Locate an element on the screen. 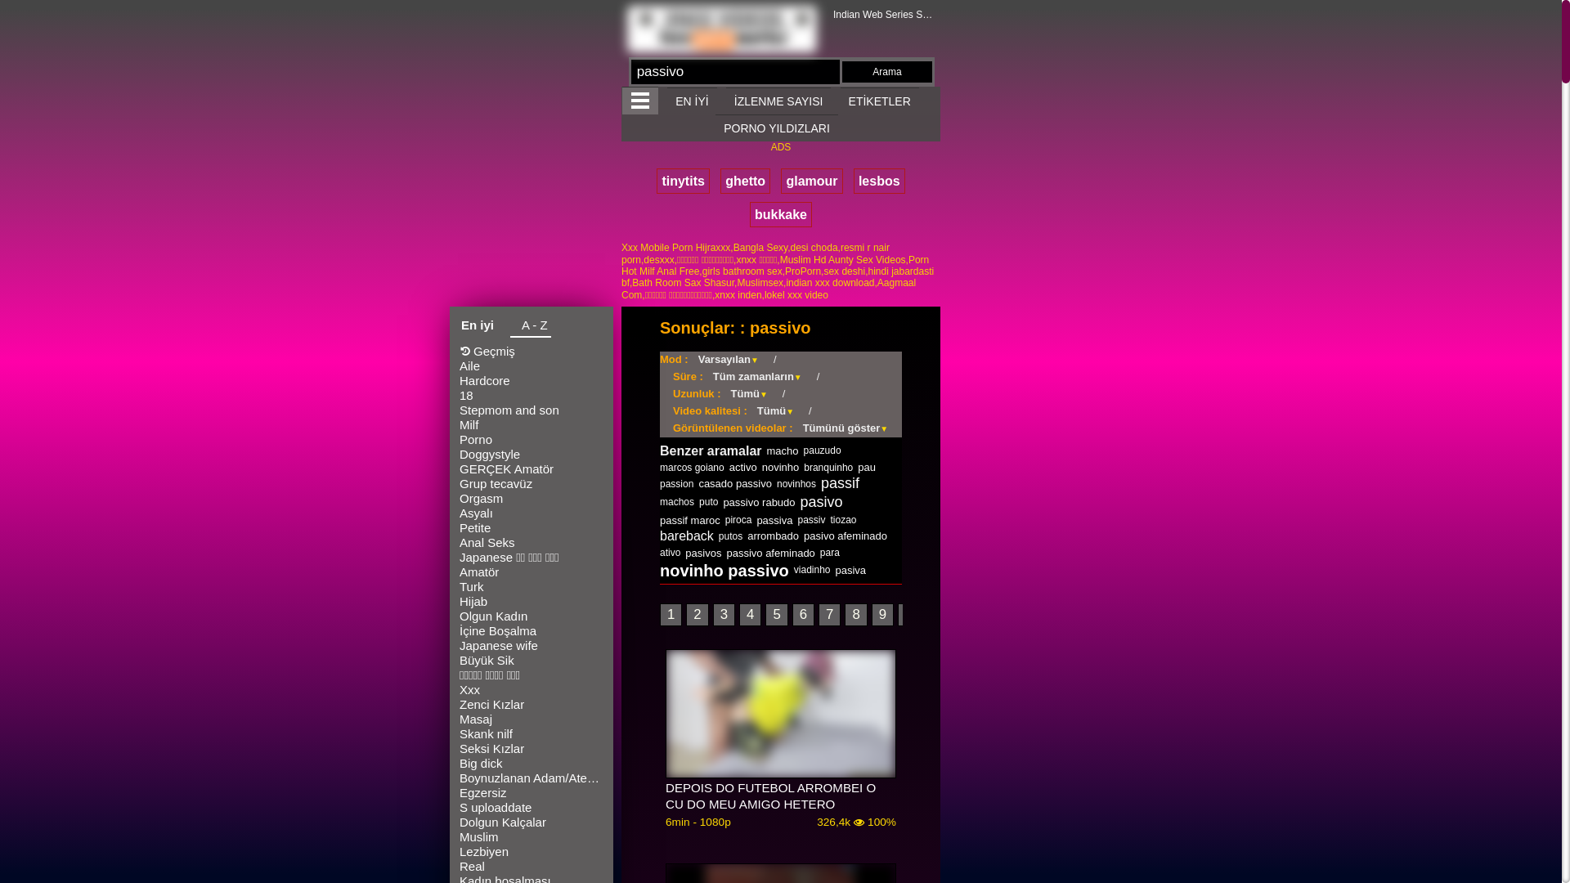  'passivo afeminado' is located at coordinates (769, 552).